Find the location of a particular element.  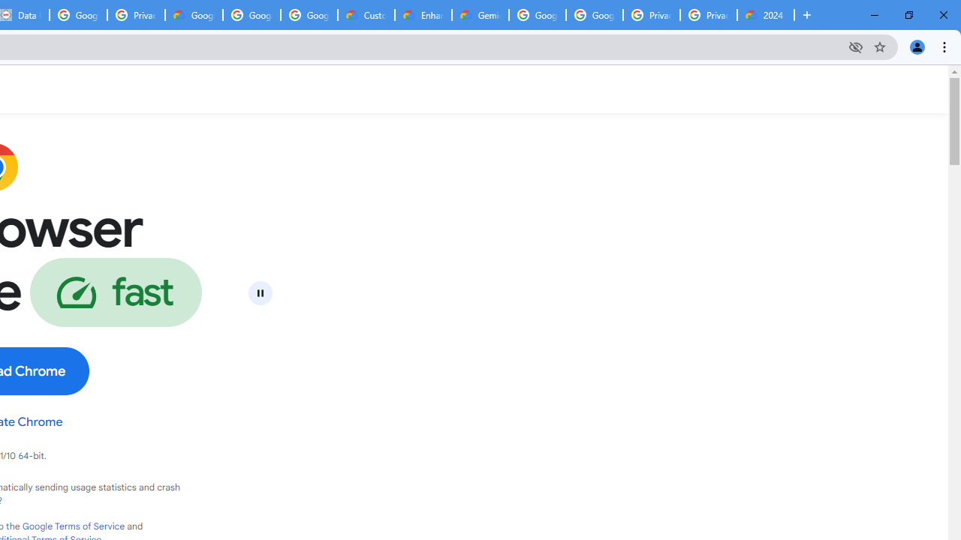

'Play/Pause animation' is located at coordinates (260, 292).